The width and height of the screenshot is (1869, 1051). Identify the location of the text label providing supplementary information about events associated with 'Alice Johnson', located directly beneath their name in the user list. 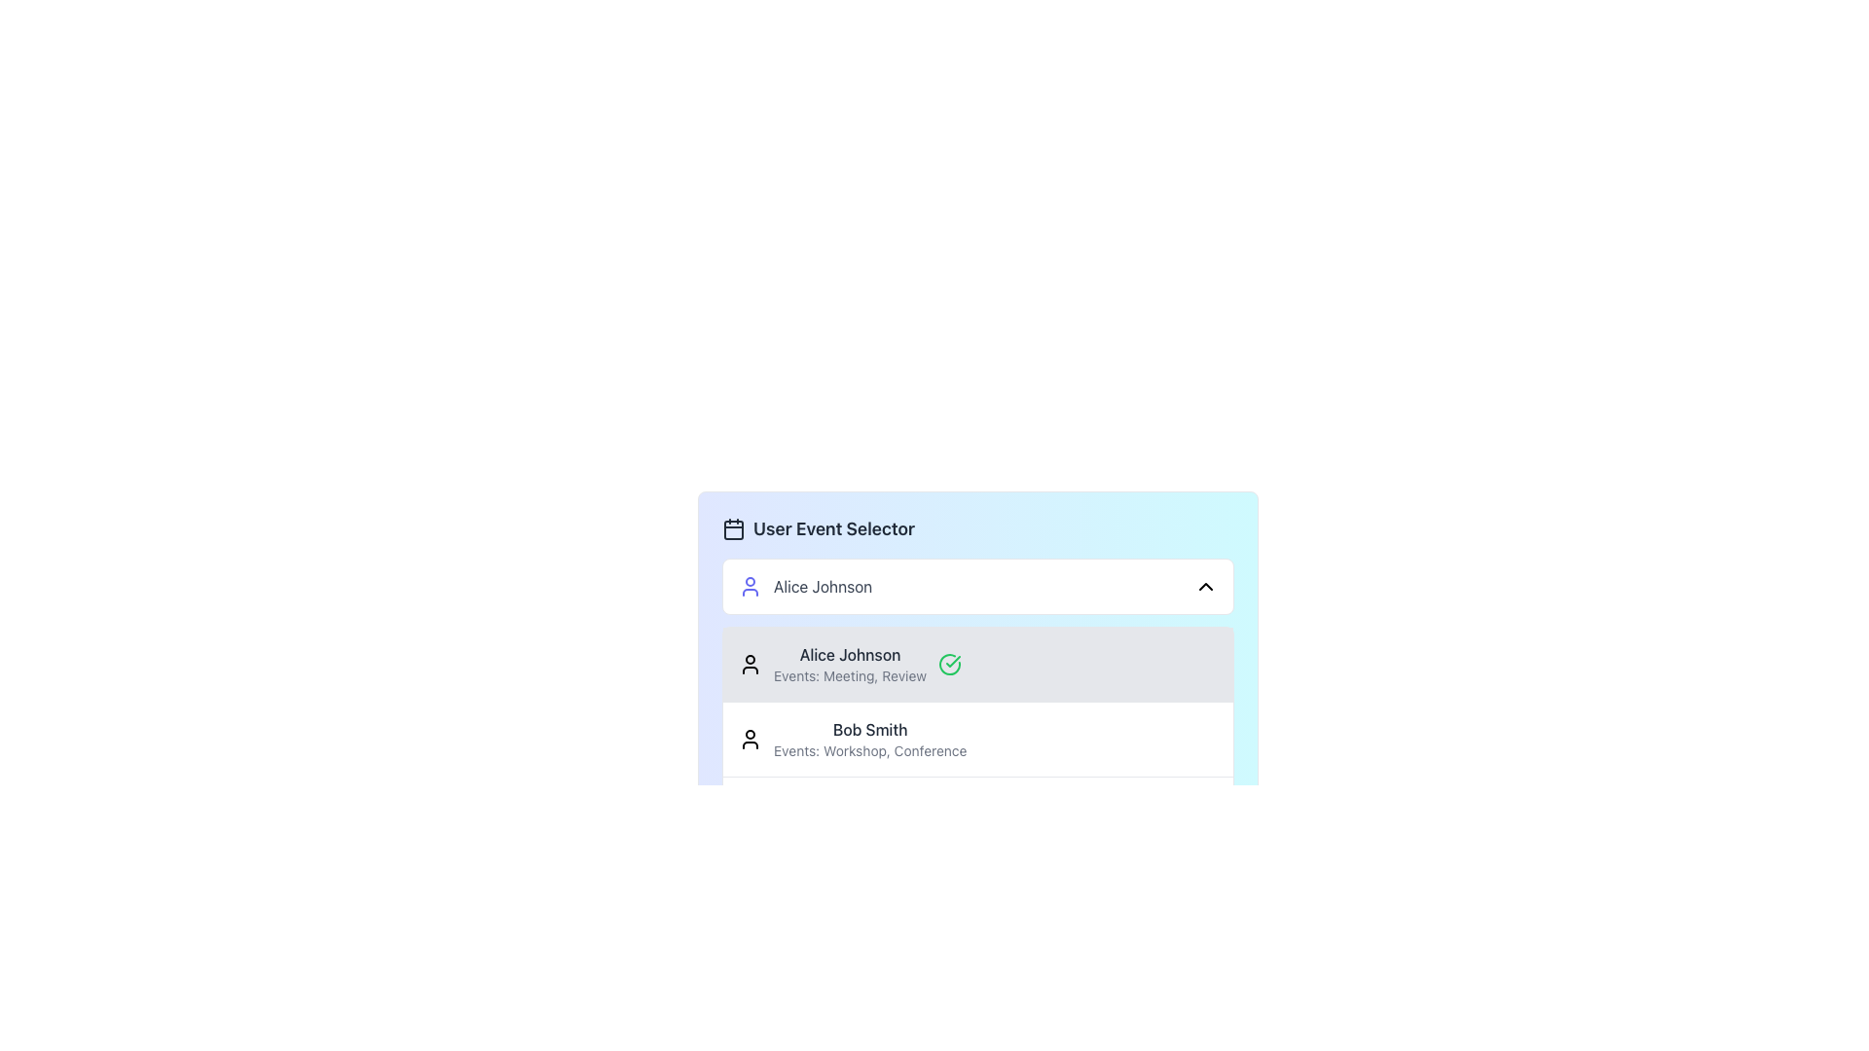
(850, 674).